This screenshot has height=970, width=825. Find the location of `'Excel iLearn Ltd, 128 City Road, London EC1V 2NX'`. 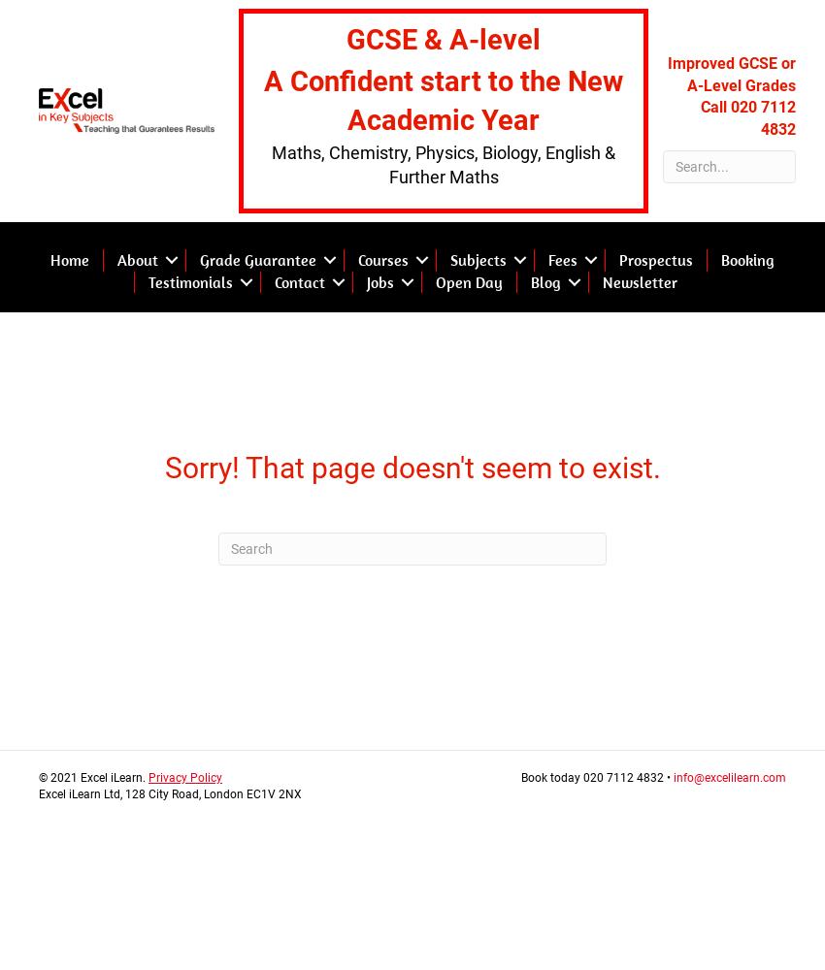

'Excel iLearn Ltd, 128 City Road, London EC1V 2NX' is located at coordinates (169, 792).